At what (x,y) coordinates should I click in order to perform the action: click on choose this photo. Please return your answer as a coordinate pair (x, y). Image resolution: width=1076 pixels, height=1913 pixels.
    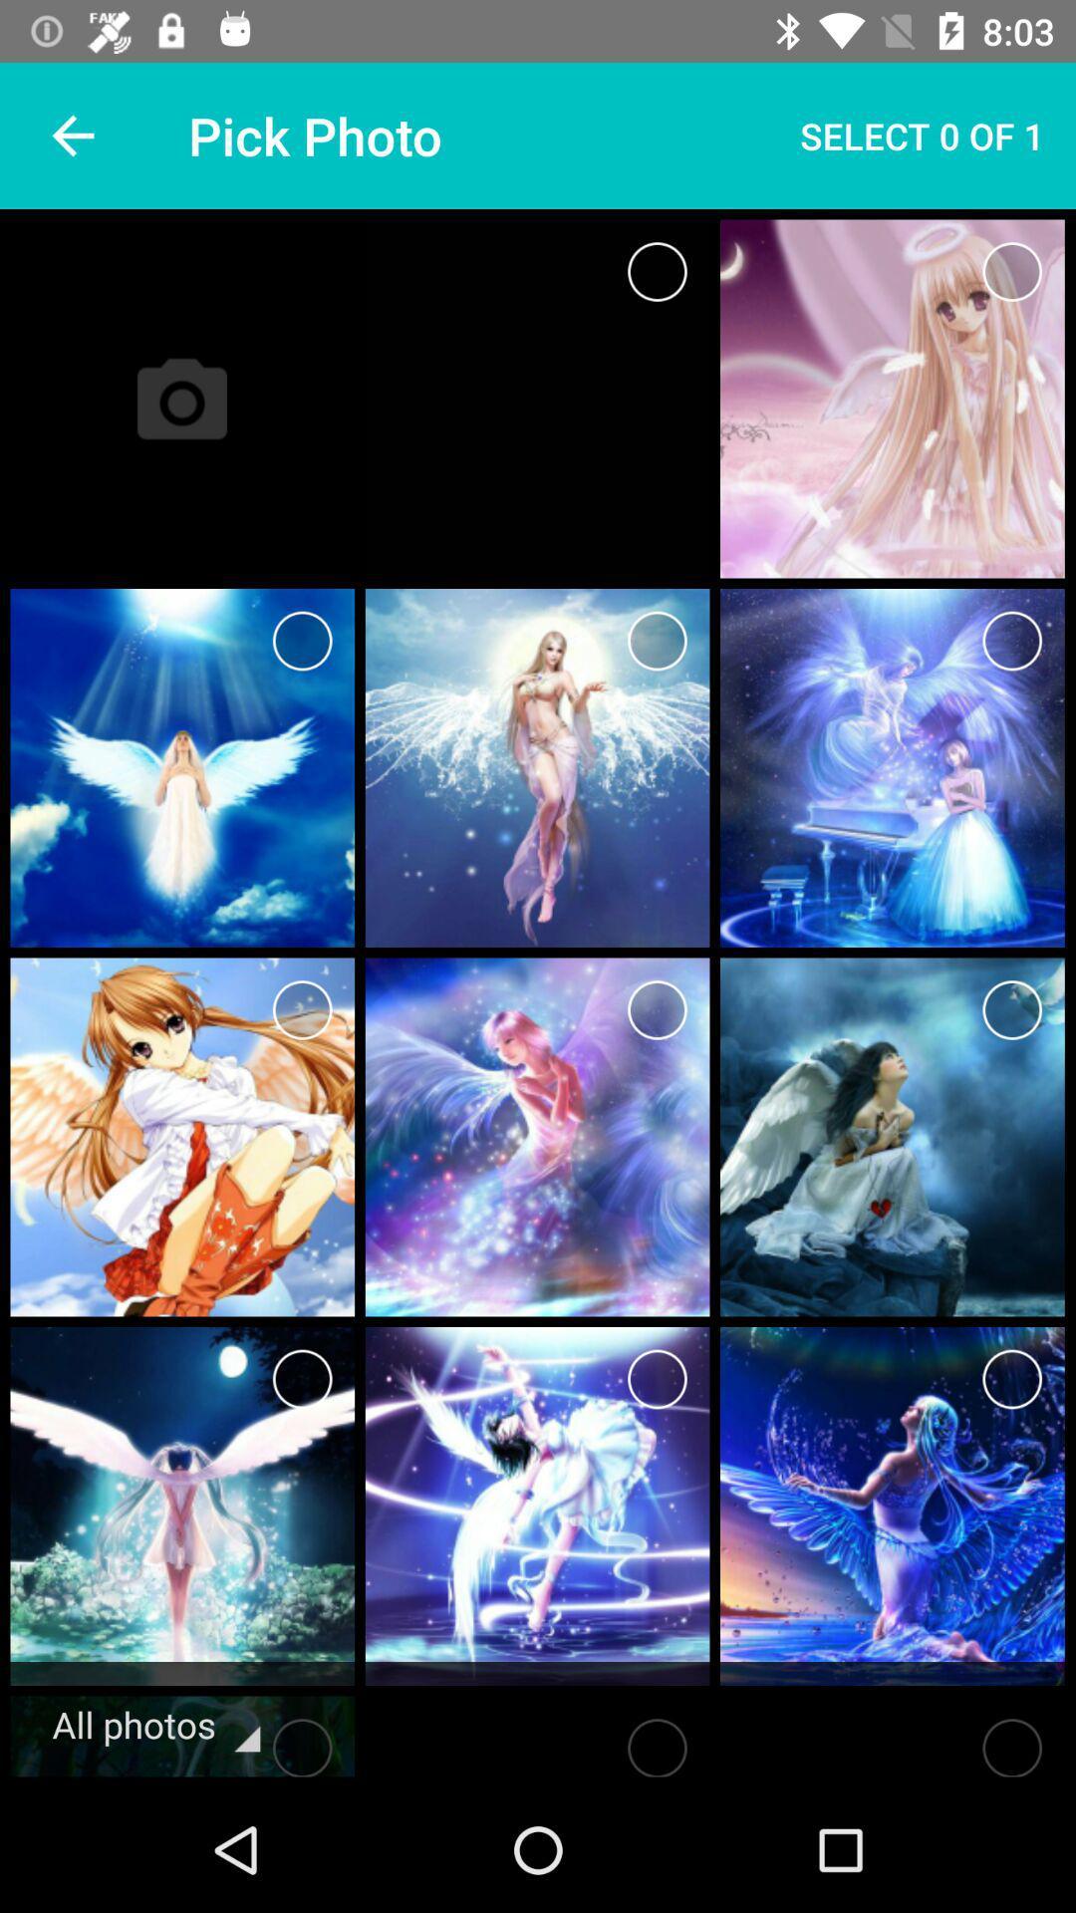
    Looking at the image, I should click on (657, 1009).